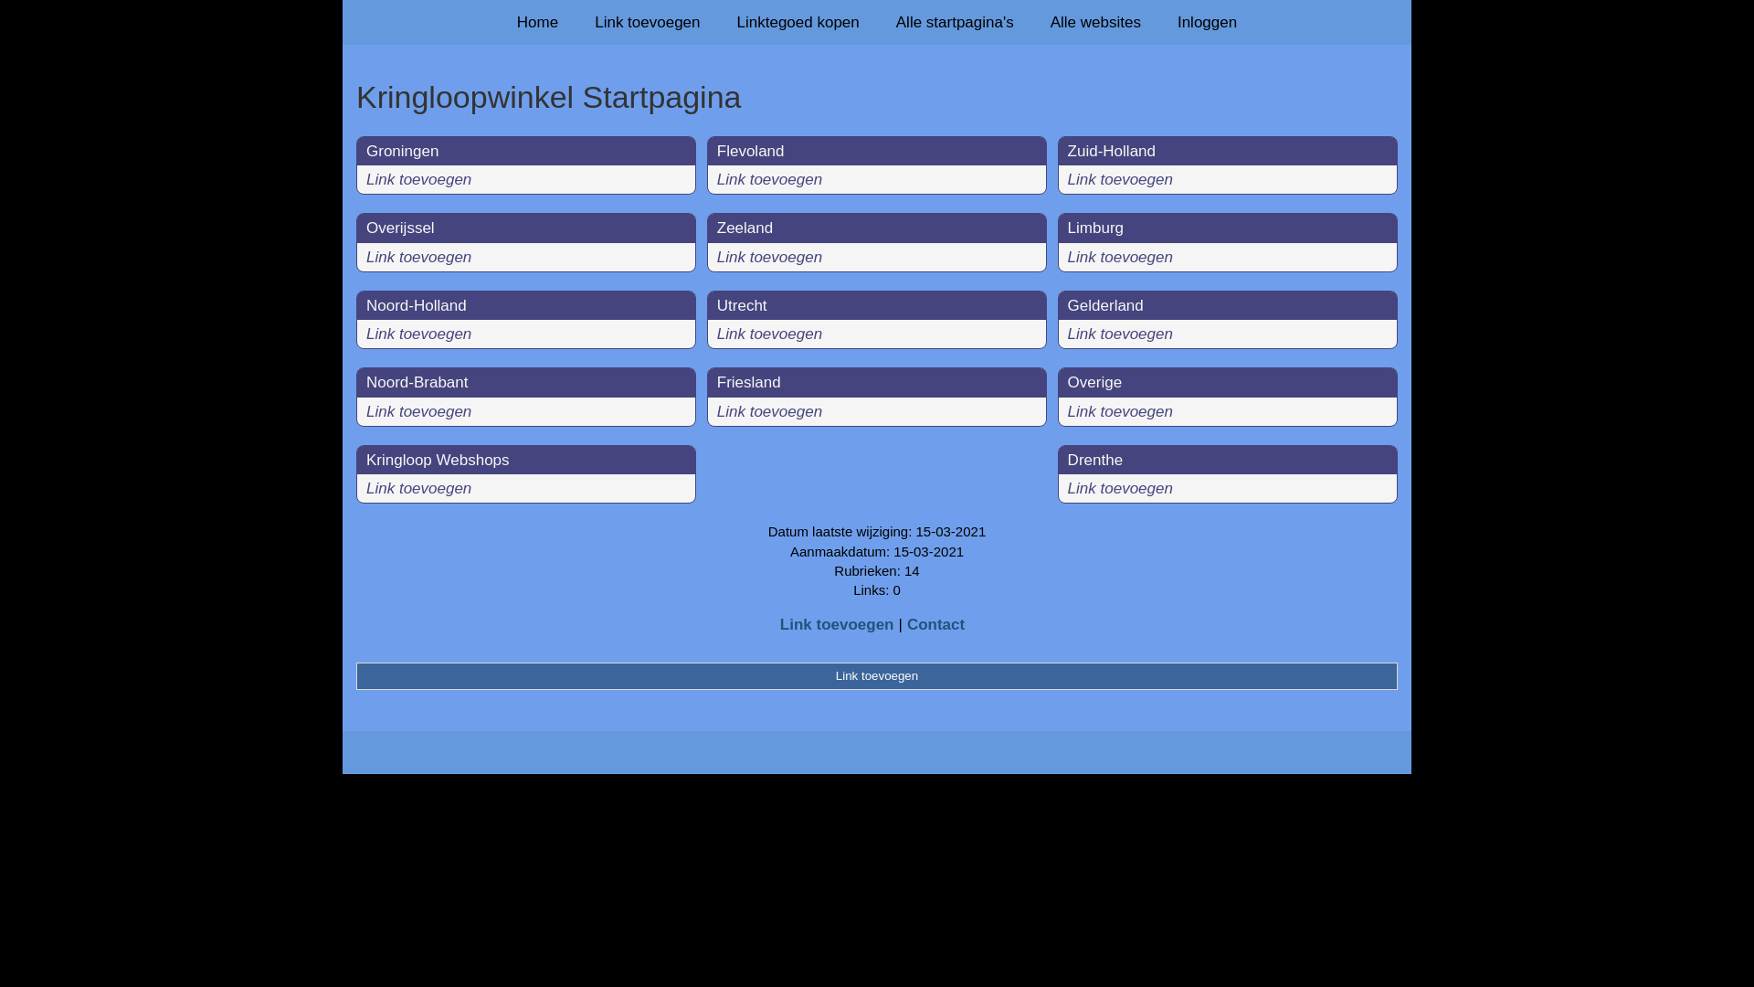 This screenshot has height=987, width=1754. I want to click on 'Contact', so click(935, 623).